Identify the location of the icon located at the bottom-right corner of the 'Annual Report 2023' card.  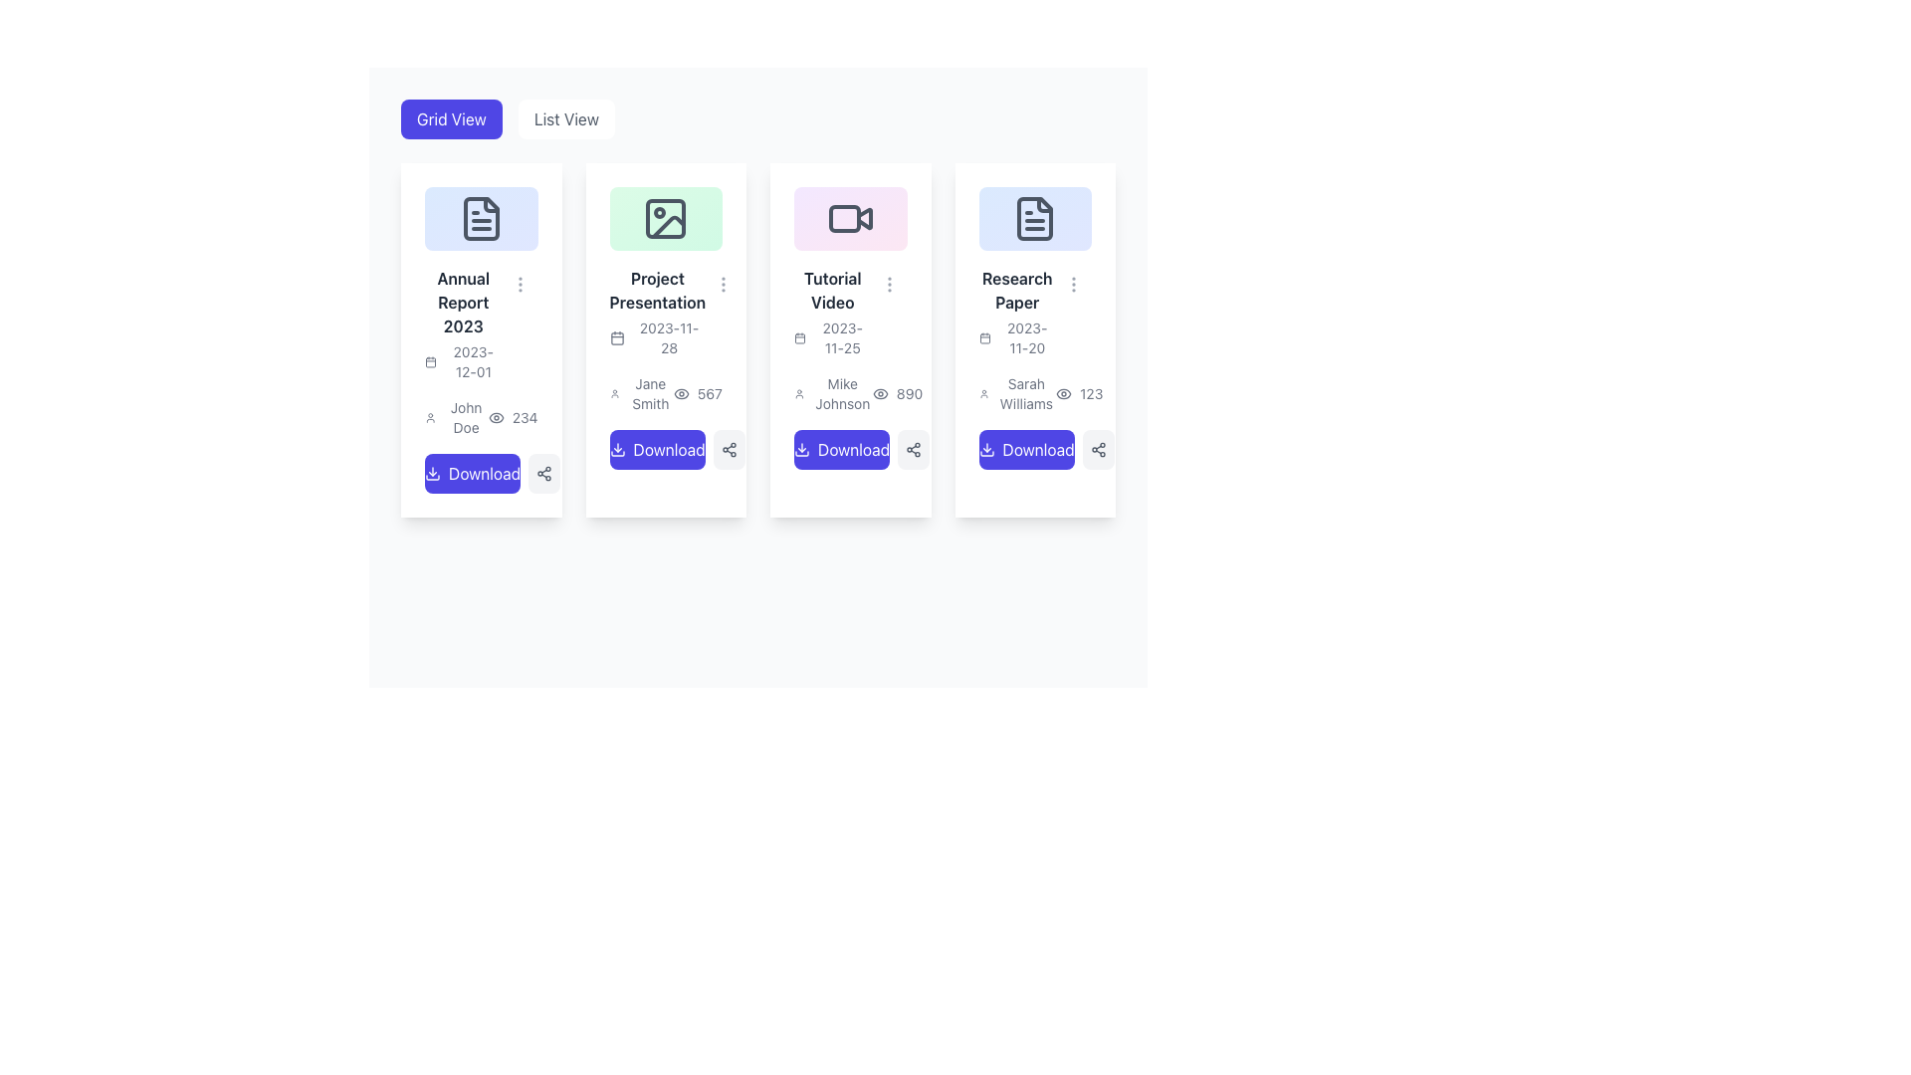
(544, 473).